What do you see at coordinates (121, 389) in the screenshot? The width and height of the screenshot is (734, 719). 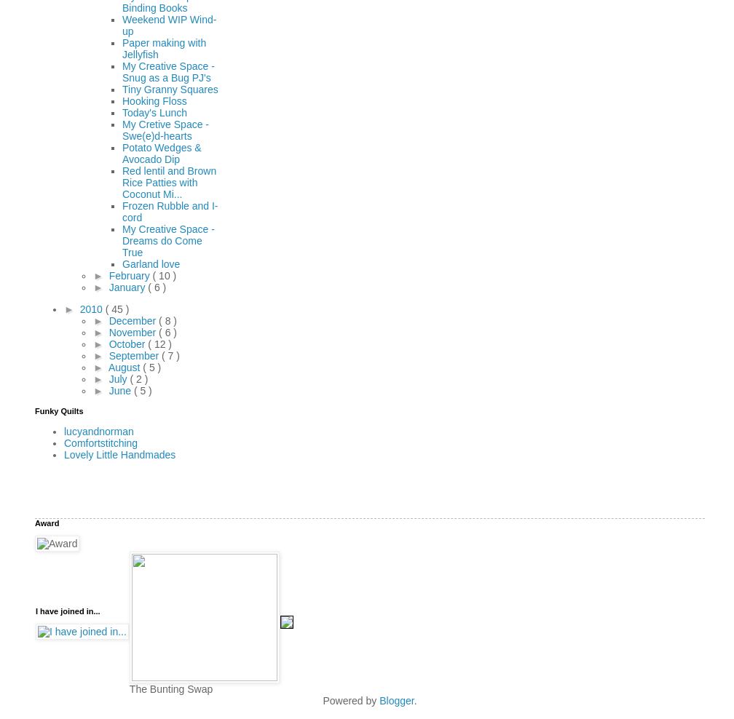 I see `'June'` at bounding box center [121, 389].